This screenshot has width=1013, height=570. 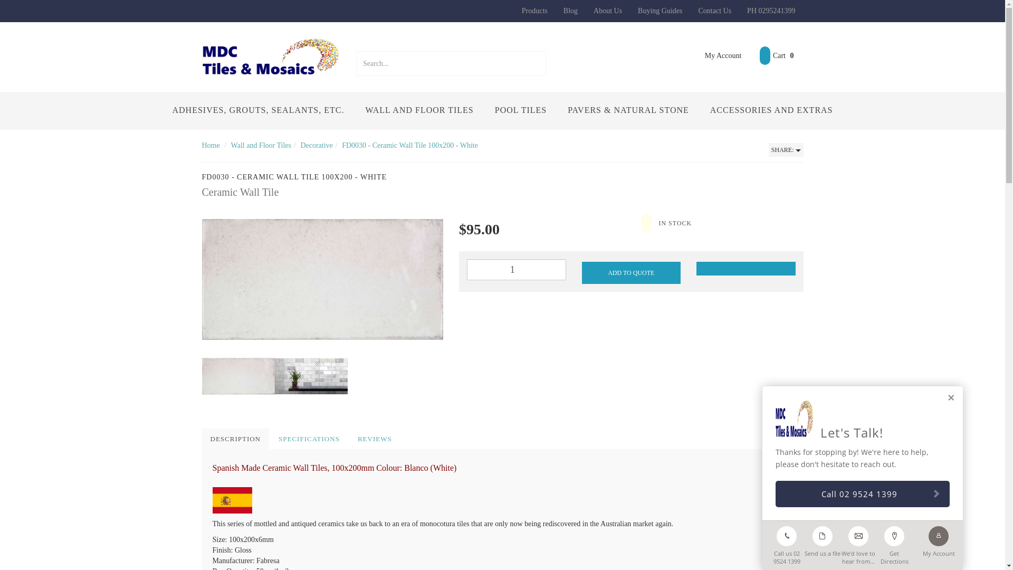 I want to click on 'REVIEWS', so click(x=349, y=439).